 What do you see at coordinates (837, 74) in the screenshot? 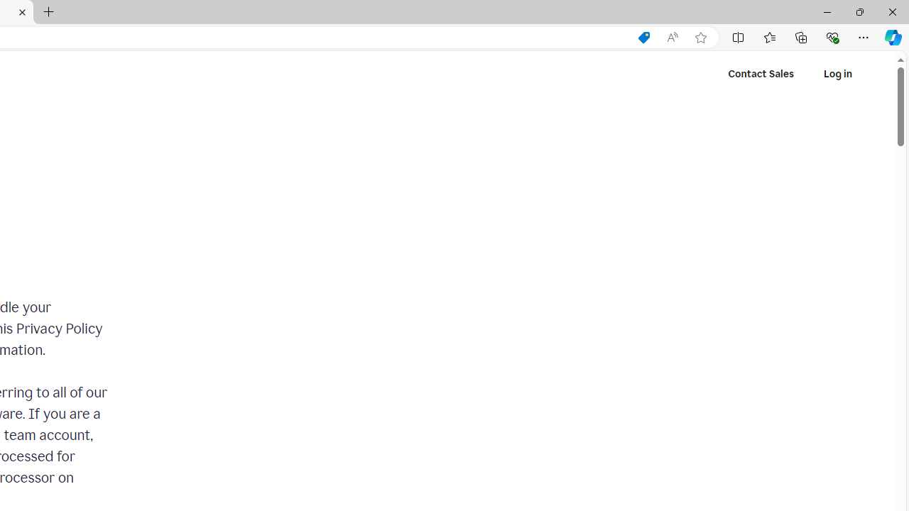
I see `'Log in'` at bounding box center [837, 74].